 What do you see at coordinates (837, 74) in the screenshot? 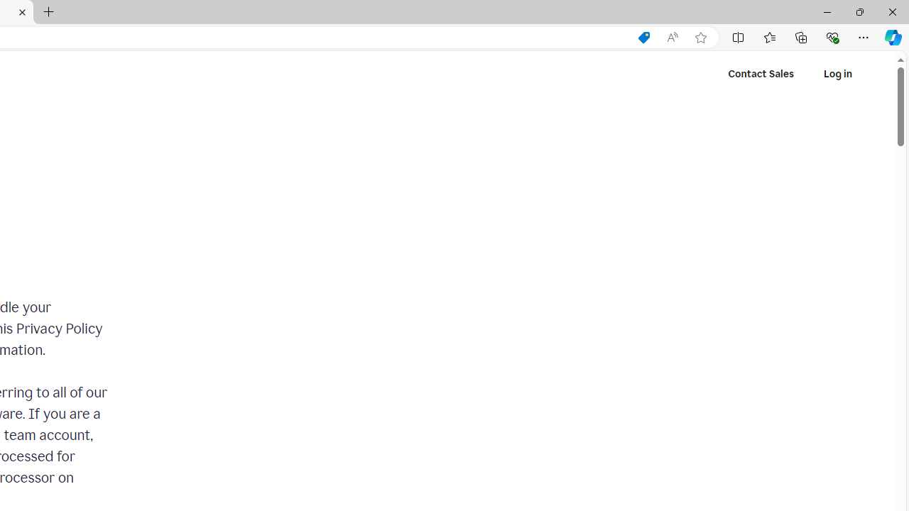
I see `'Log in'` at bounding box center [837, 74].